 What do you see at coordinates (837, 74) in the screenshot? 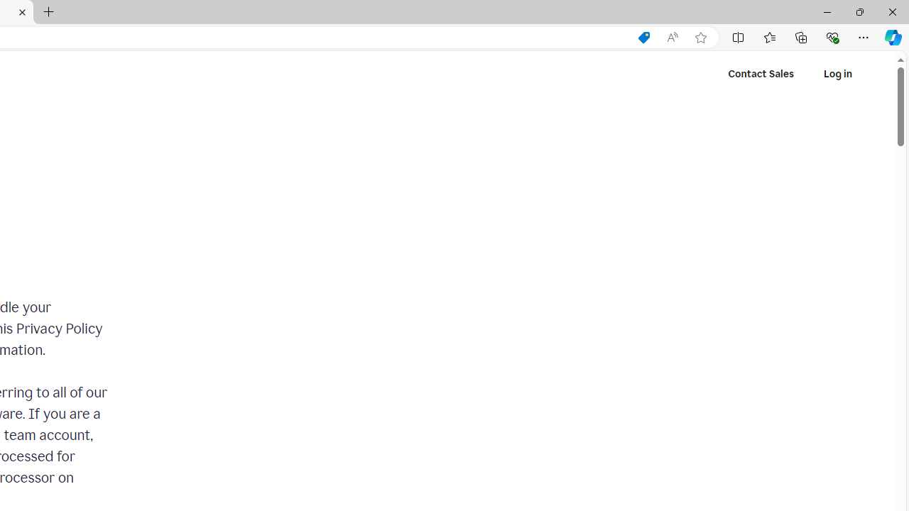
I see `'Log in'` at bounding box center [837, 74].